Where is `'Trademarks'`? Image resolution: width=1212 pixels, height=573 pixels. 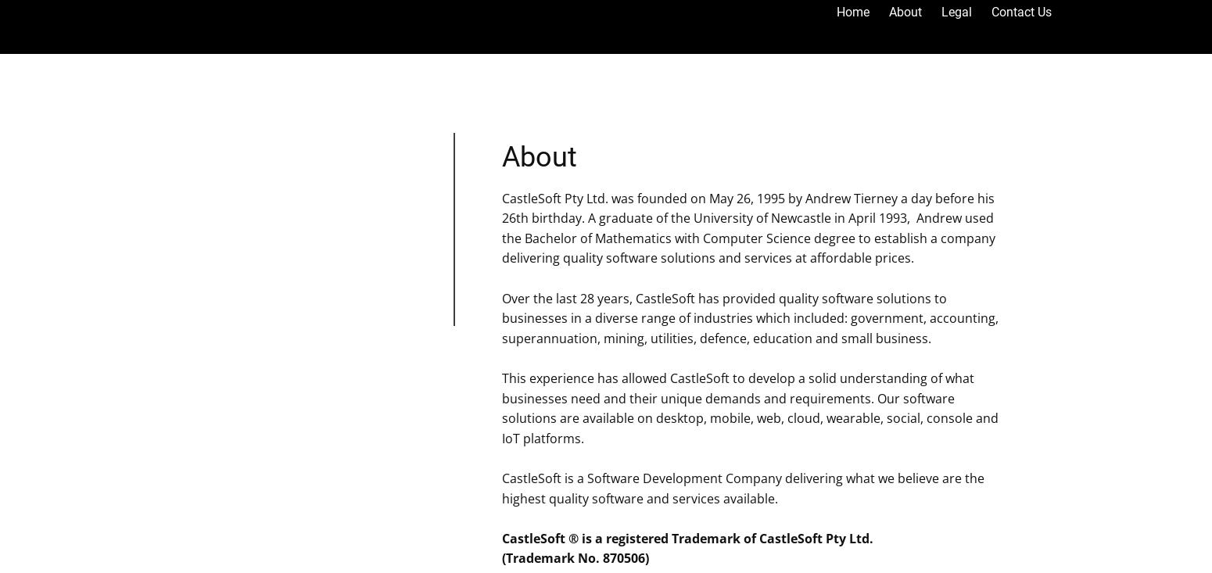
'Trademarks' is located at coordinates (957, 122).